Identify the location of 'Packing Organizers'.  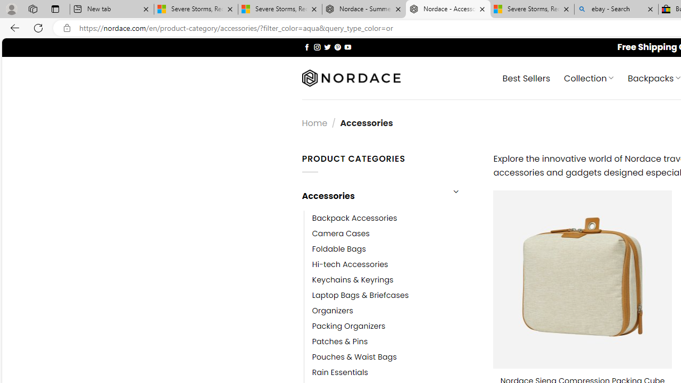
(348, 326).